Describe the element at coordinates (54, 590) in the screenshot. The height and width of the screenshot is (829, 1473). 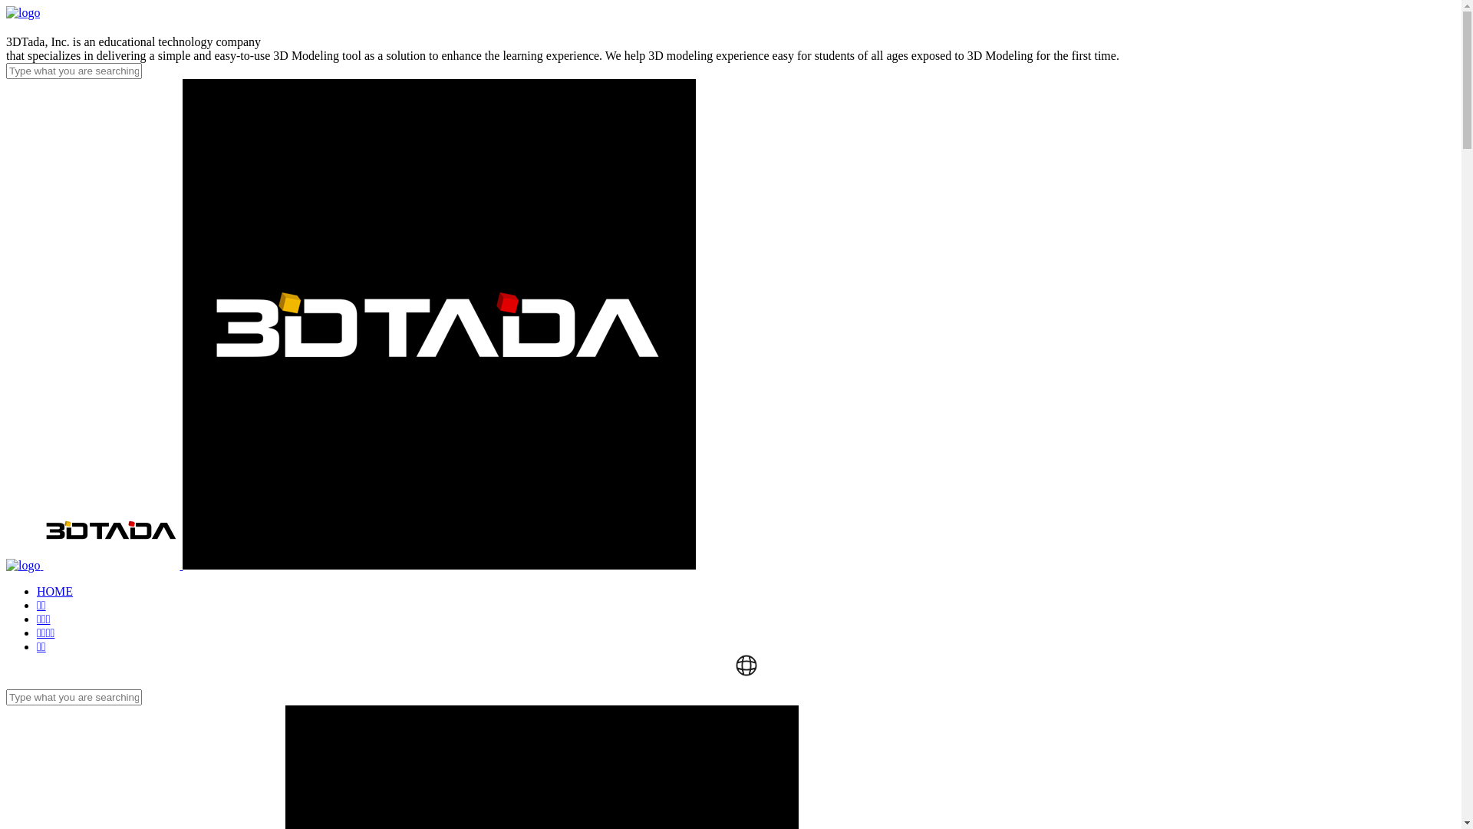
I see `'HOME'` at that location.